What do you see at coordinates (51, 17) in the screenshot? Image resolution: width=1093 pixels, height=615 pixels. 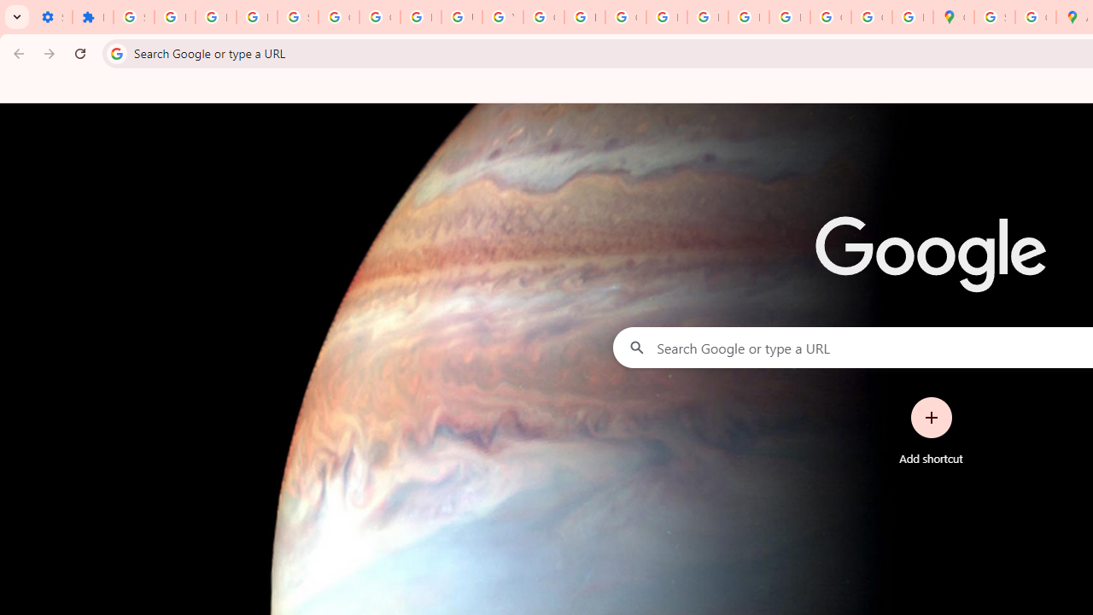 I see `'Settings - On startup'` at bounding box center [51, 17].